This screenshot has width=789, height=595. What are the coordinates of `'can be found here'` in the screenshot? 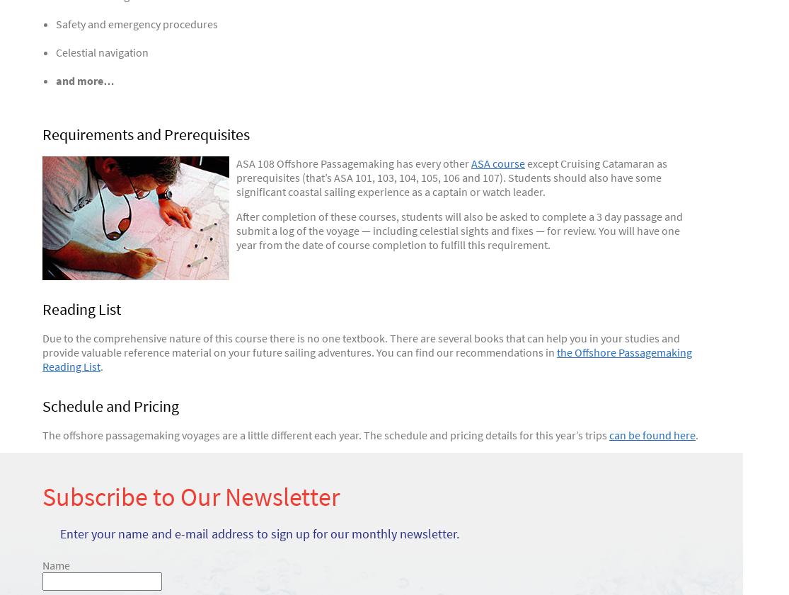 It's located at (652, 435).